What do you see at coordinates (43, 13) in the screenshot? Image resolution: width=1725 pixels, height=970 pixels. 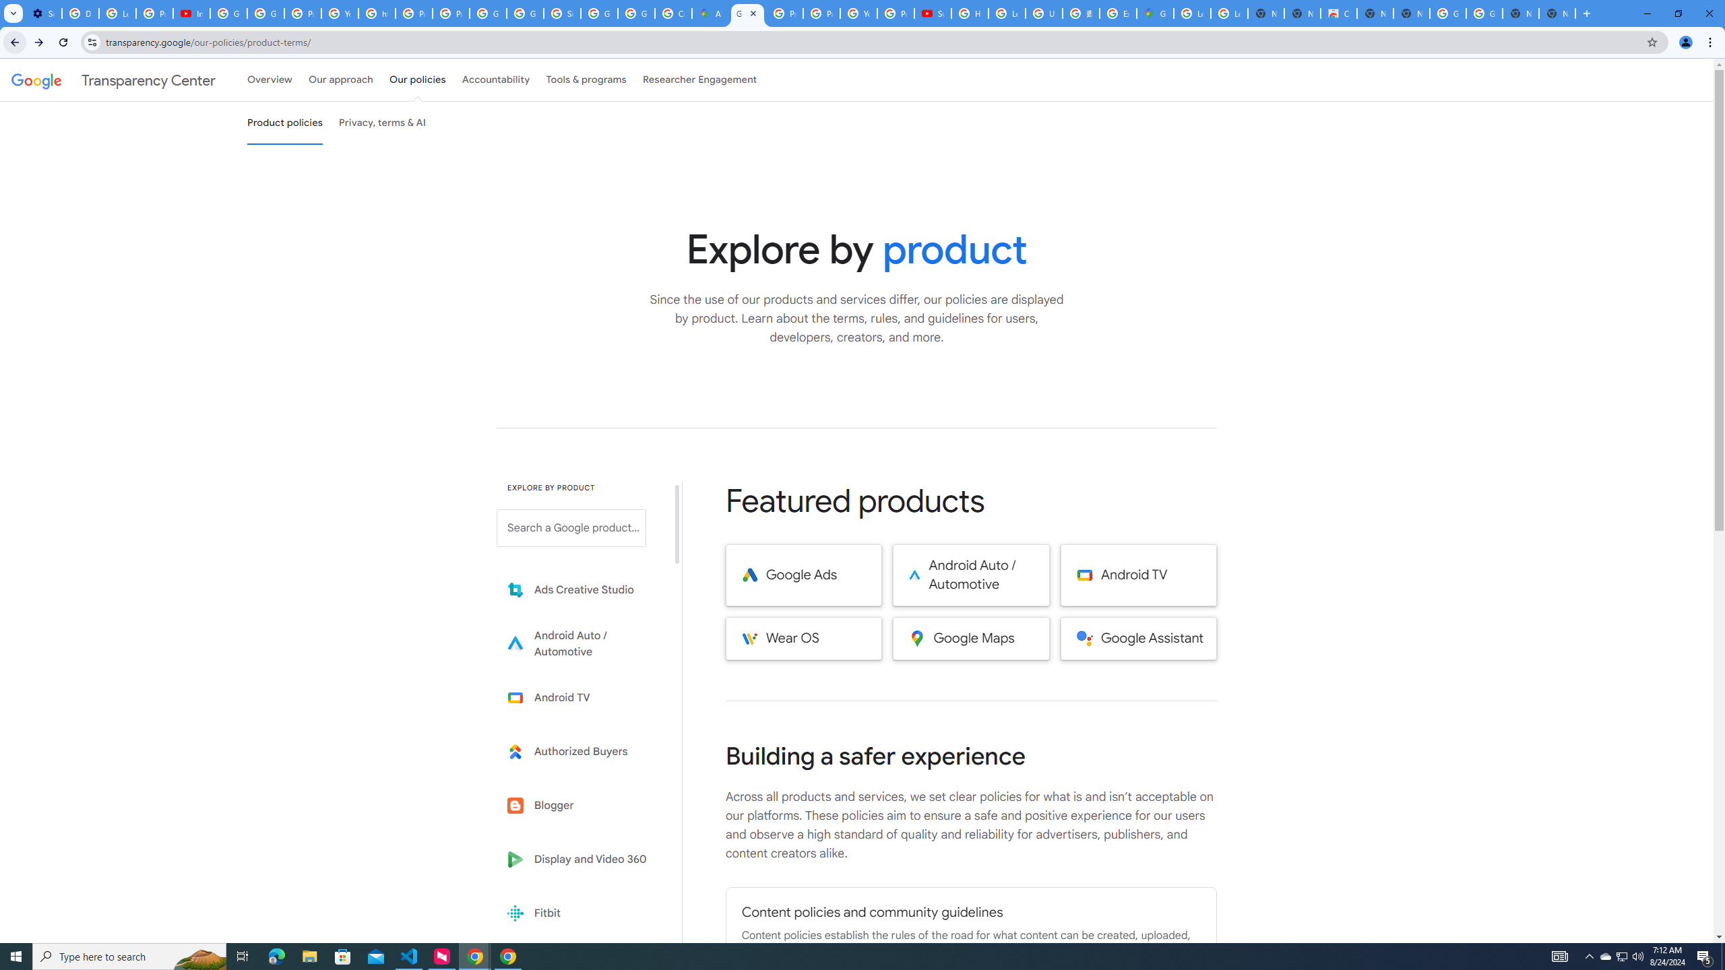 I see `'Settings - Performance'` at bounding box center [43, 13].